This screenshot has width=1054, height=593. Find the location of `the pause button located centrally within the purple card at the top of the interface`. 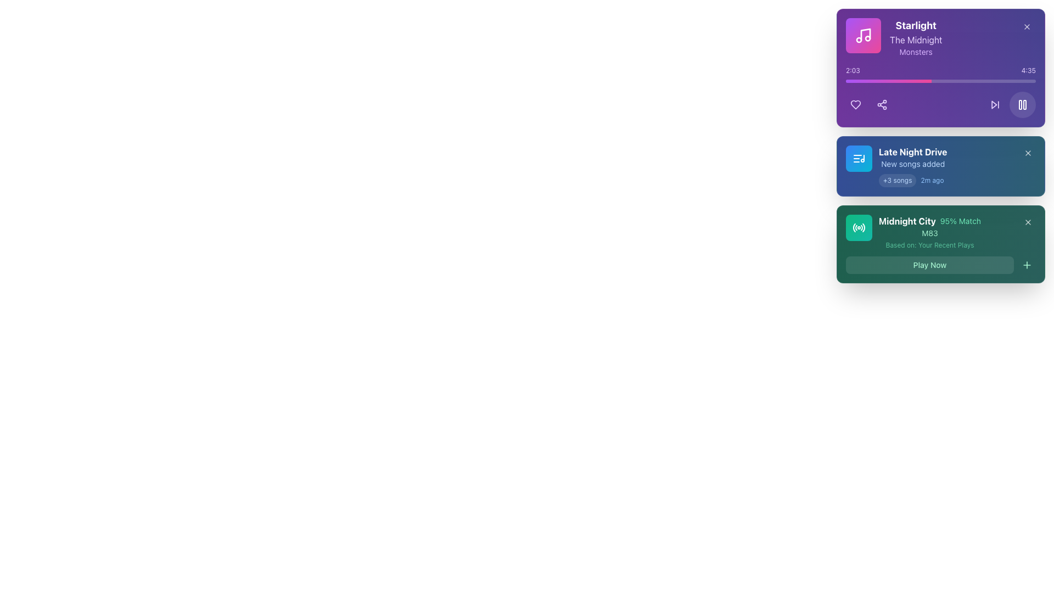

the pause button located centrally within the purple card at the top of the interface is located at coordinates (1022, 105).